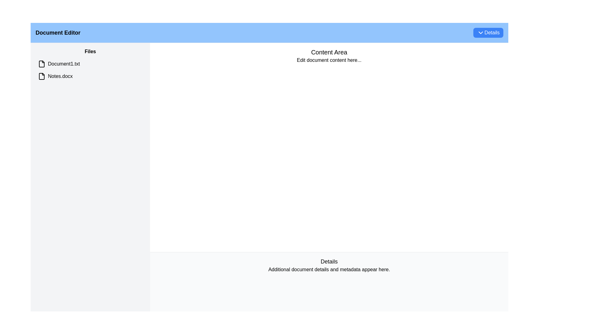 This screenshot has width=594, height=334. Describe the element at coordinates (488, 32) in the screenshot. I see `the 'Details' button located on the top right side of the 'Document Editor' header bar, which has a blue background and a white text label with a chevron icon` at that location.